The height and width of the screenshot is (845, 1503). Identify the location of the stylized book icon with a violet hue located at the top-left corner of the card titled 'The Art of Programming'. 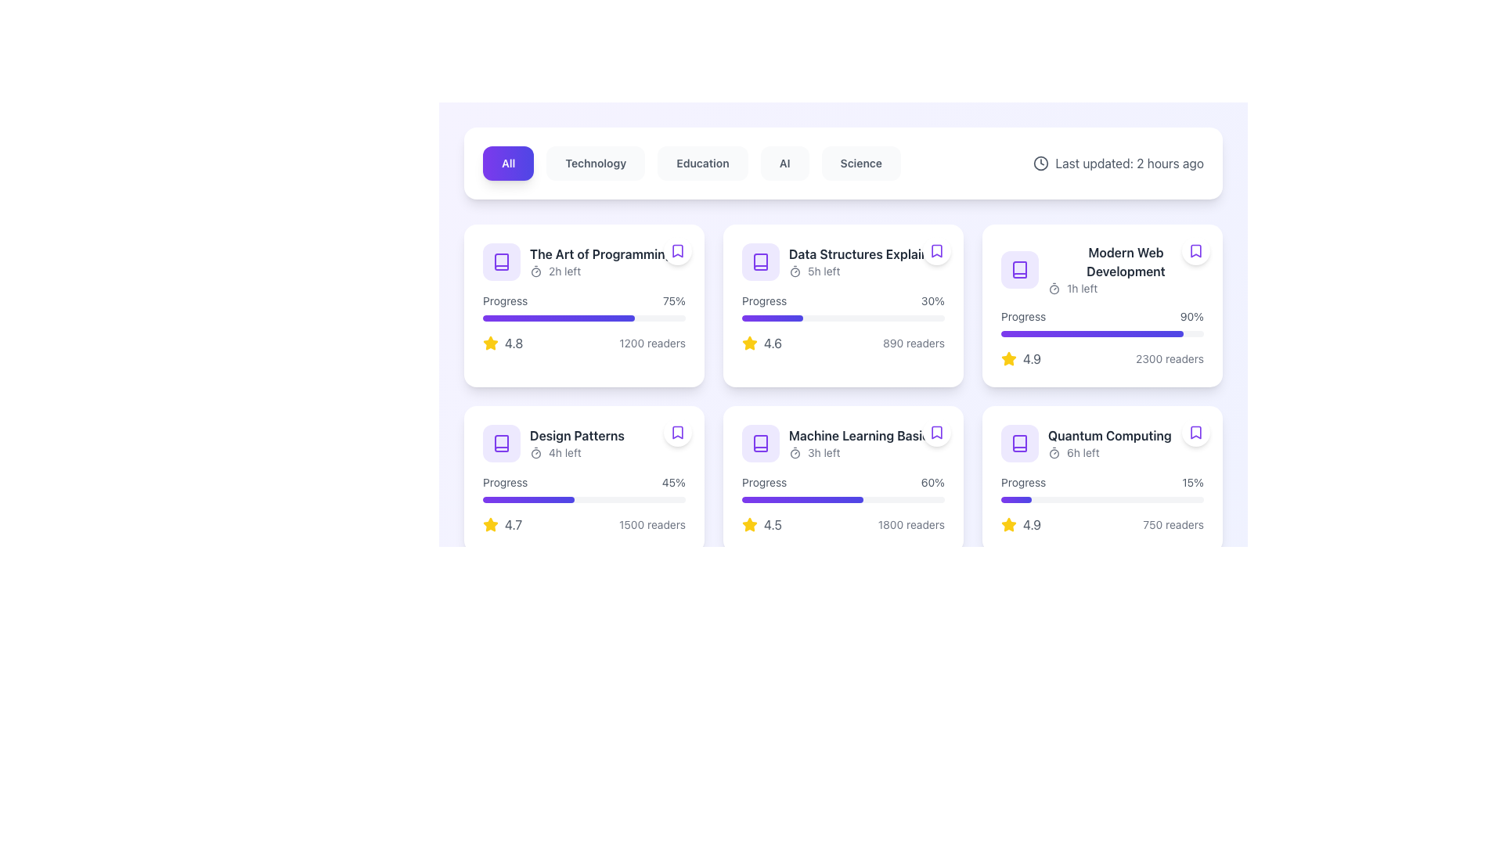
(502, 261).